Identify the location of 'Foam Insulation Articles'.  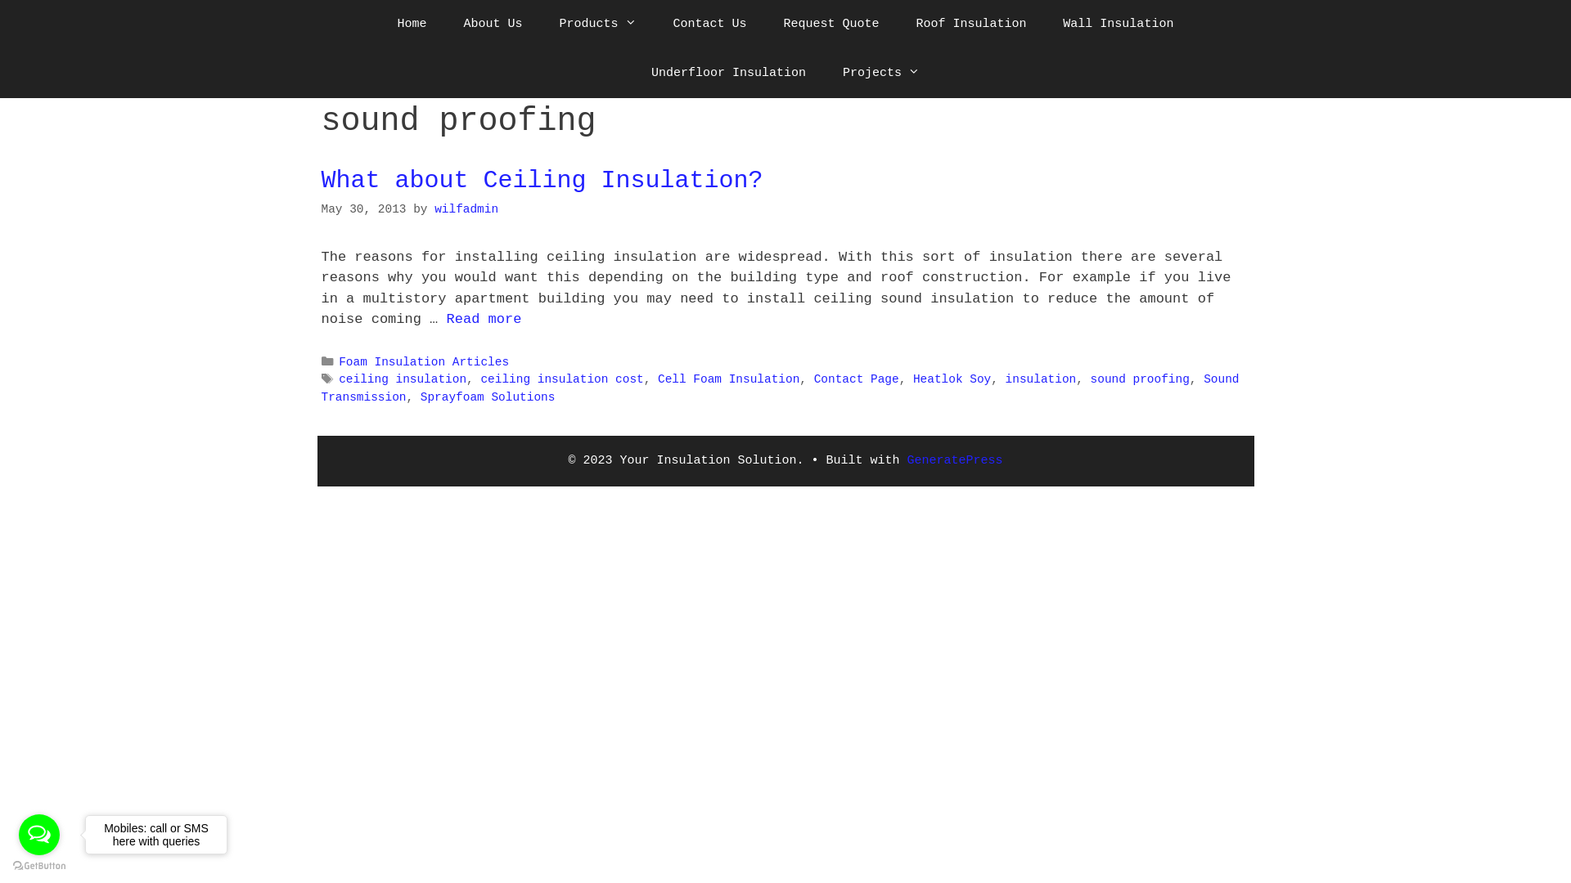
(424, 361).